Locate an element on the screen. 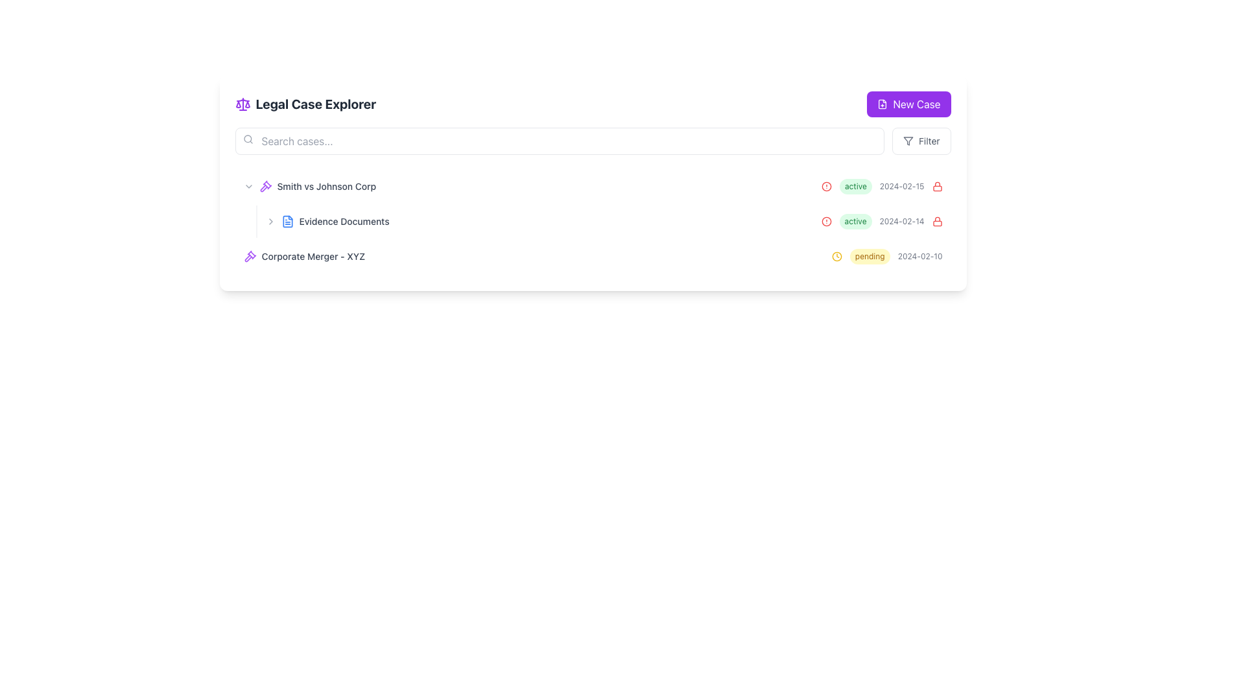 The width and height of the screenshot is (1245, 700). the 'Create New Case' button located at the top-right corner of the 'Legal Case Explorer' header bar to observe the hover effect is located at coordinates (908, 104).